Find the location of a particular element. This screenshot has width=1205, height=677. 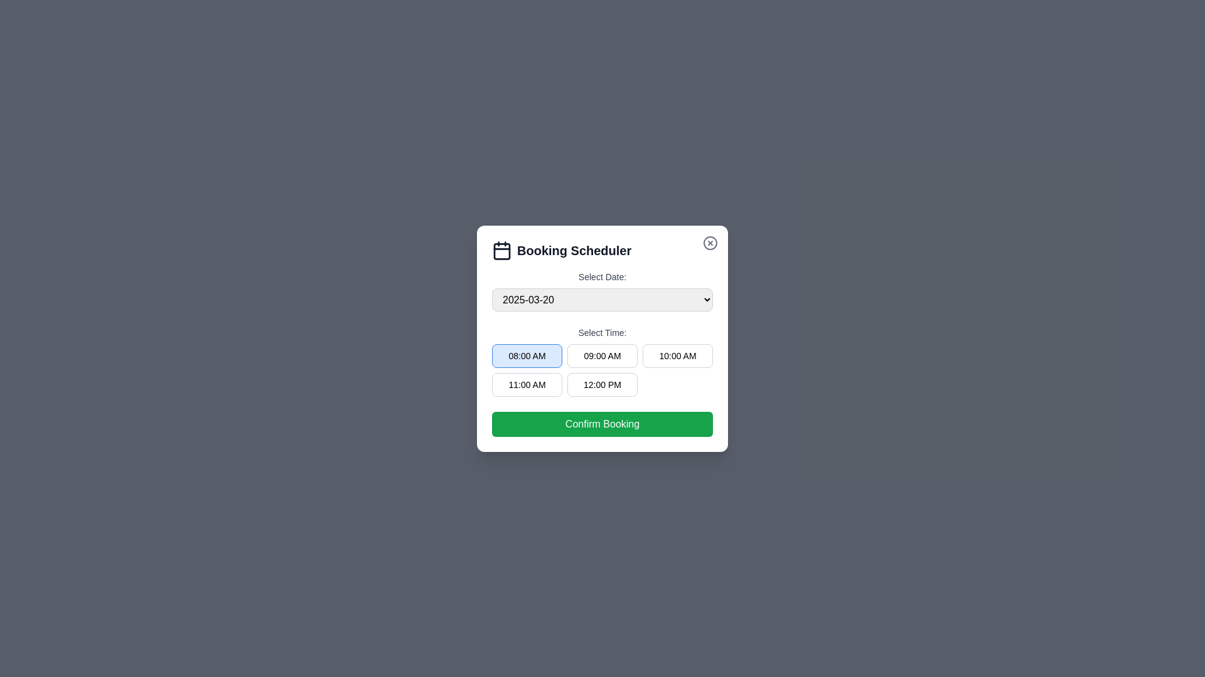

the '08:00 AM' time slot button, which is the first button in the grid layout under the 'Select Time' label is located at coordinates (527, 355).